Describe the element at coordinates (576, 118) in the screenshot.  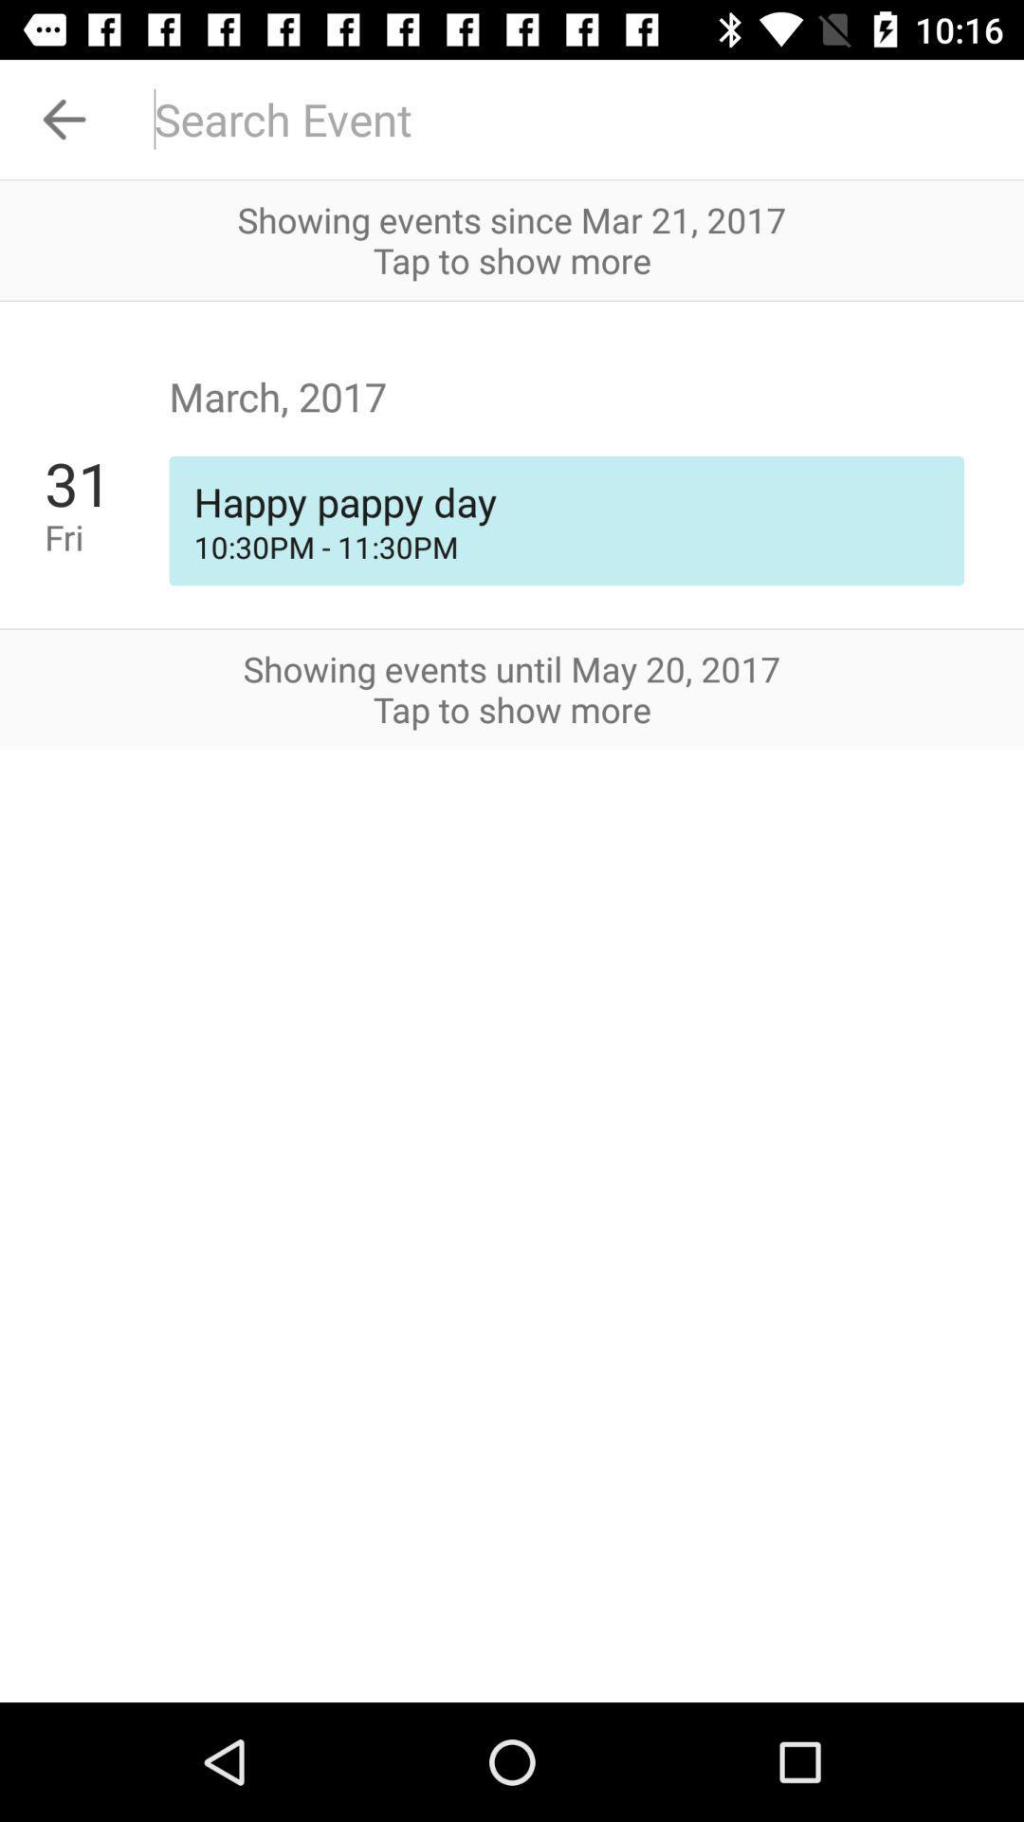
I see `search for events in the calendar` at that location.